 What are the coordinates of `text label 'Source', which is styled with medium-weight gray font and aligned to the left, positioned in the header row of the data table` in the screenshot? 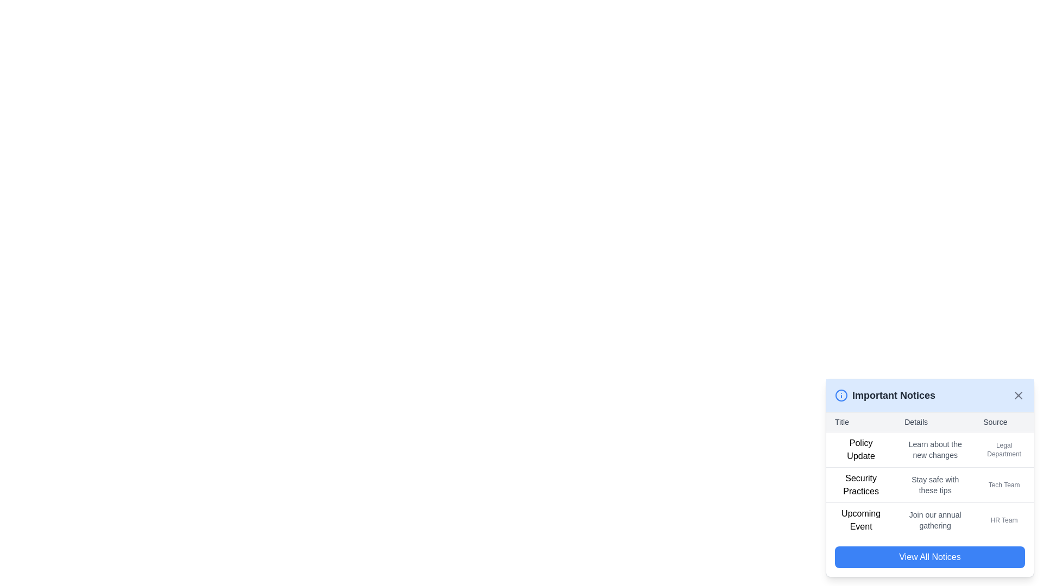 It's located at (1003, 422).